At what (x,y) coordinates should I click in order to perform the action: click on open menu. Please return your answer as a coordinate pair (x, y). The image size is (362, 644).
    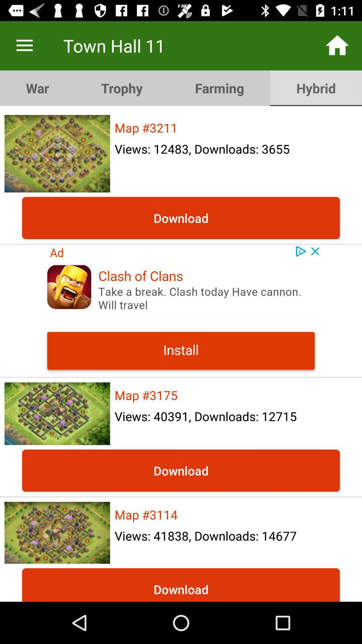
    Looking at the image, I should click on (24, 45).